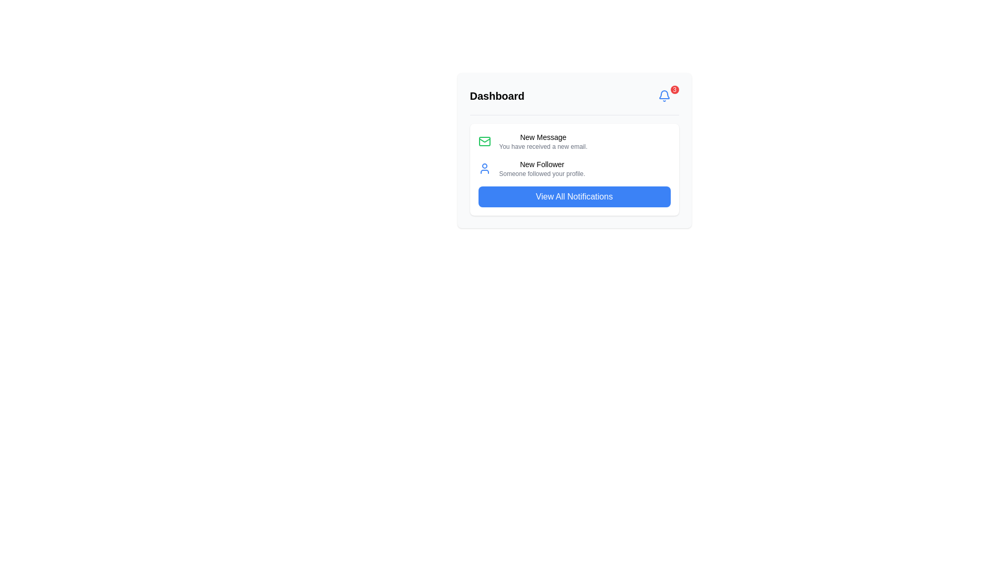  Describe the element at coordinates (542, 173) in the screenshot. I see `the descriptive text label that informs the user about a new follower, located beneath the 'New Follower' heading in the notifications section` at that location.